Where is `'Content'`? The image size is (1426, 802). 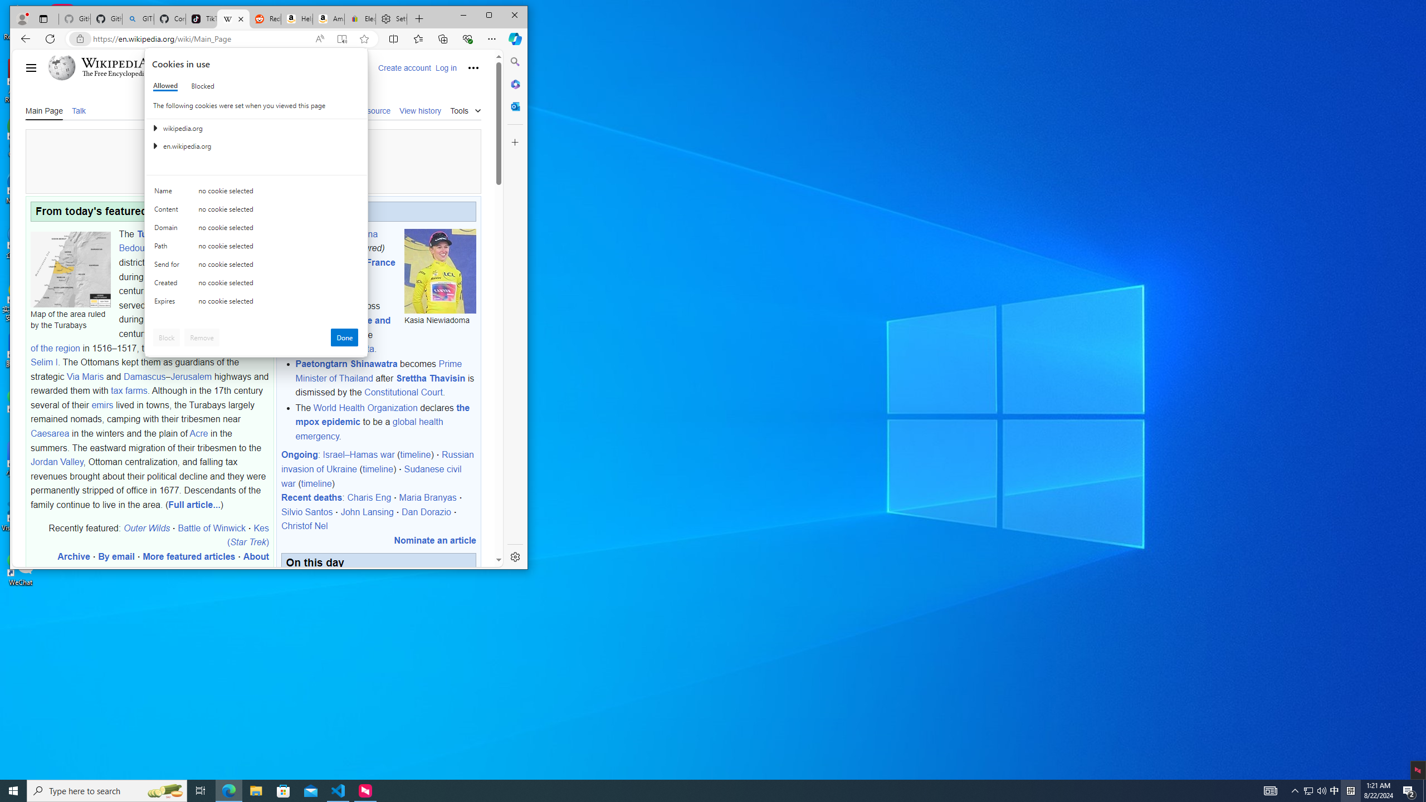
'Content' is located at coordinates (168, 211).